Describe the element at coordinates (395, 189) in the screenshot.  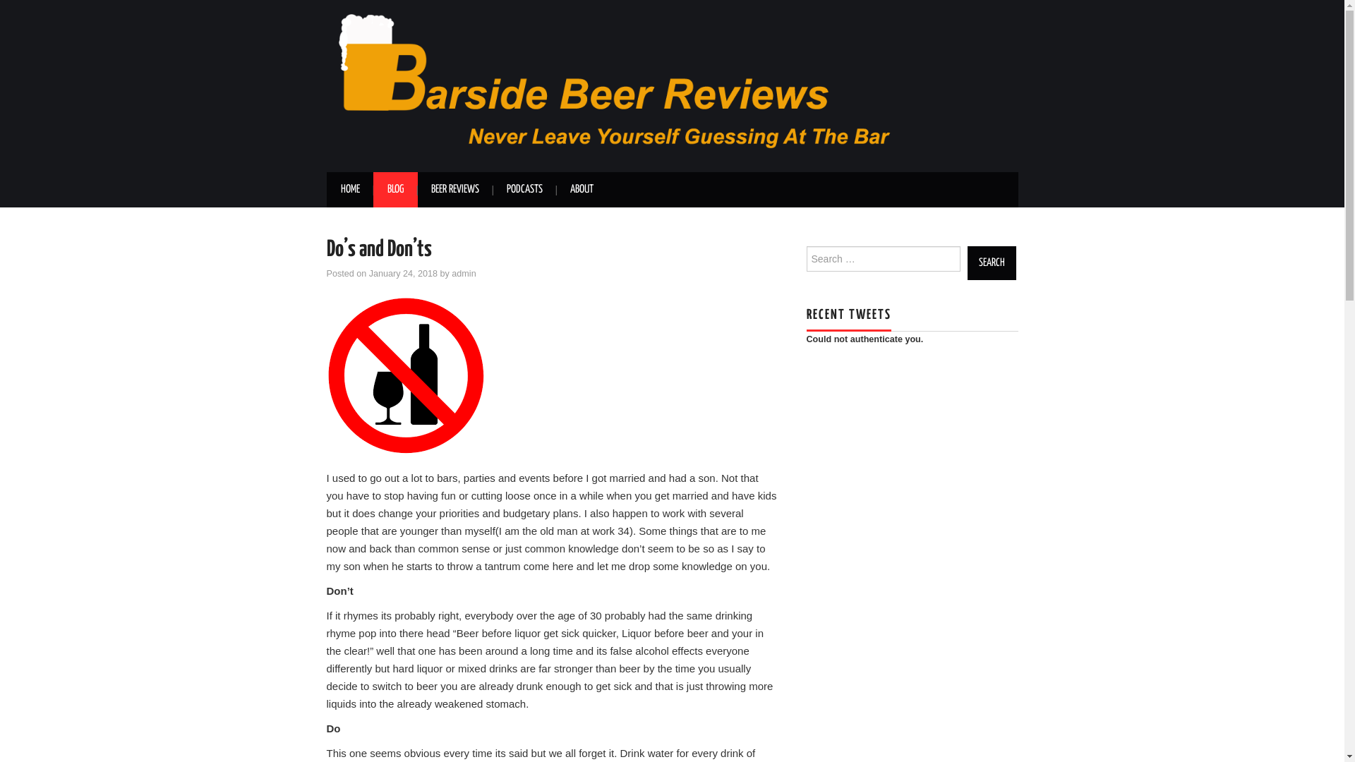
I see `'BLOG'` at that location.